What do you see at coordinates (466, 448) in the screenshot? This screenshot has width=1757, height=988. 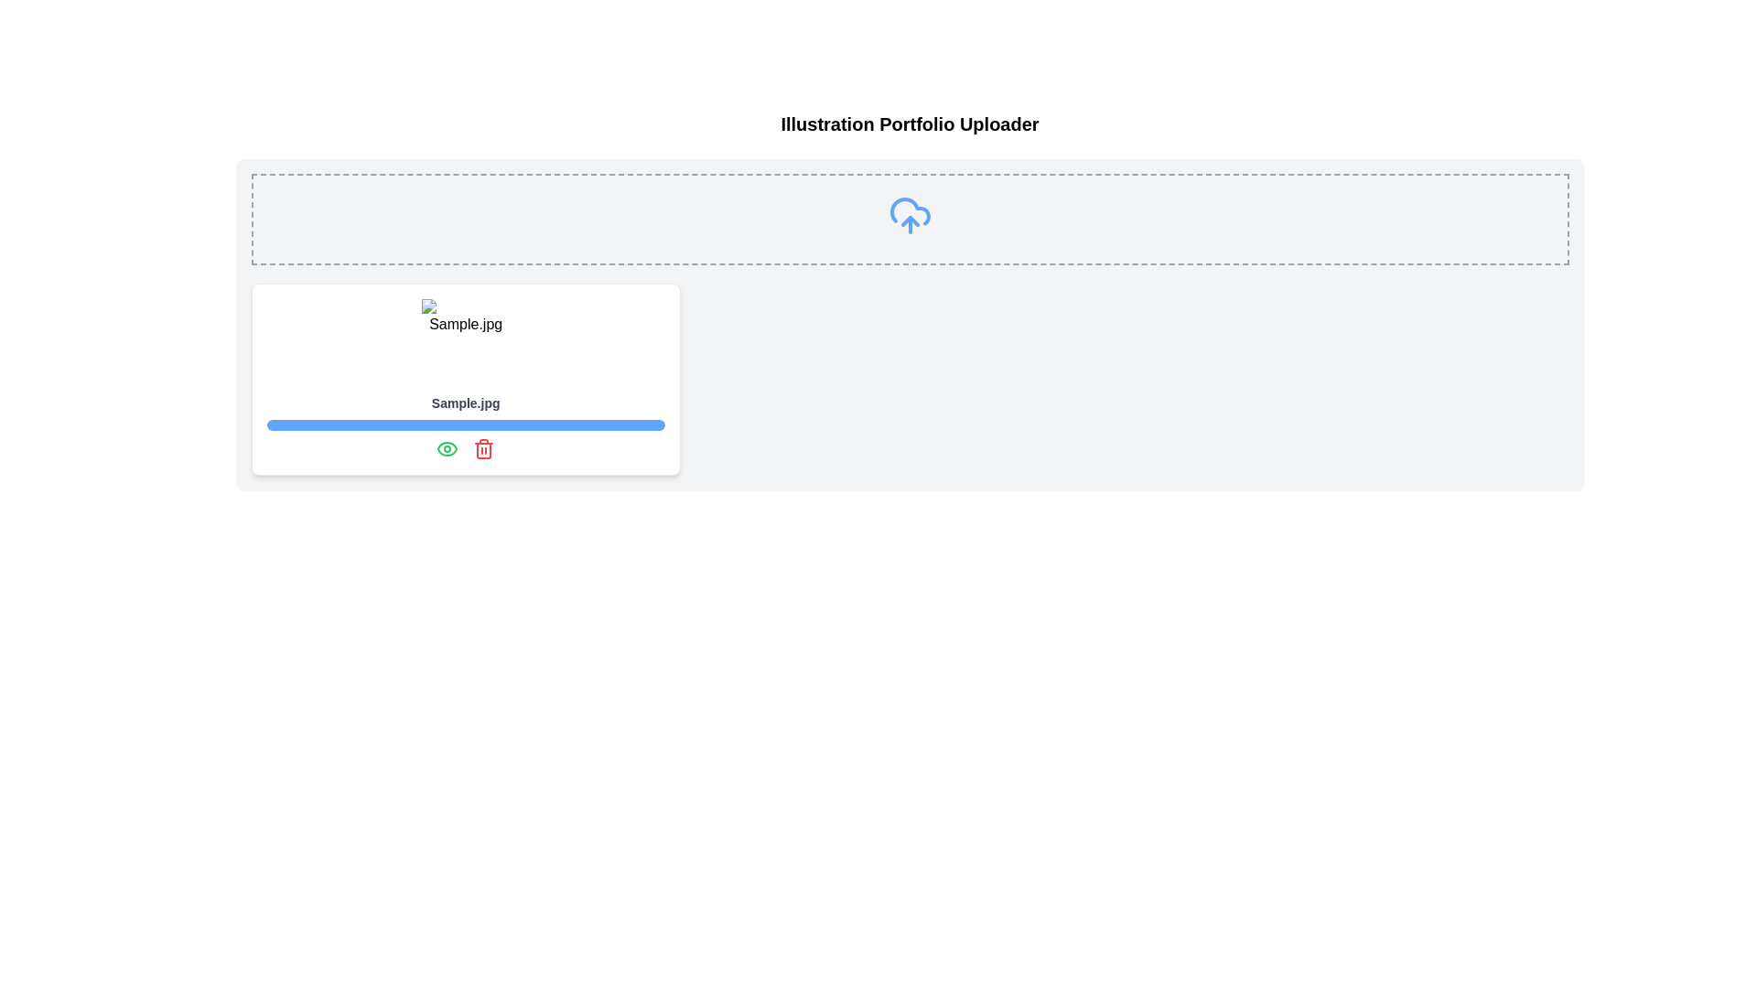 I see `the green eye icon in the icon buttons group located below the progress bar of the card displaying 'Sample.jpg'` at bounding box center [466, 448].